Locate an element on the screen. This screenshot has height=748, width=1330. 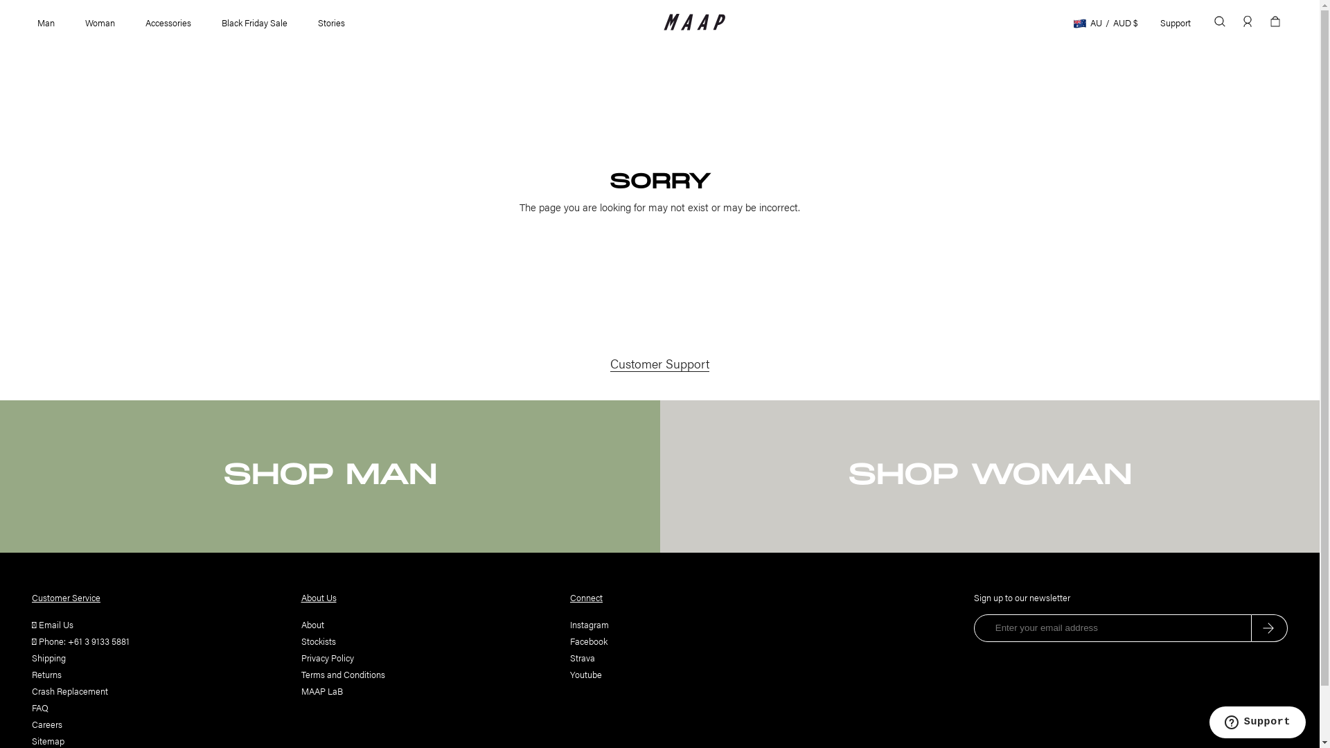
'MAAP LaB' is located at coordinates (321, 691).